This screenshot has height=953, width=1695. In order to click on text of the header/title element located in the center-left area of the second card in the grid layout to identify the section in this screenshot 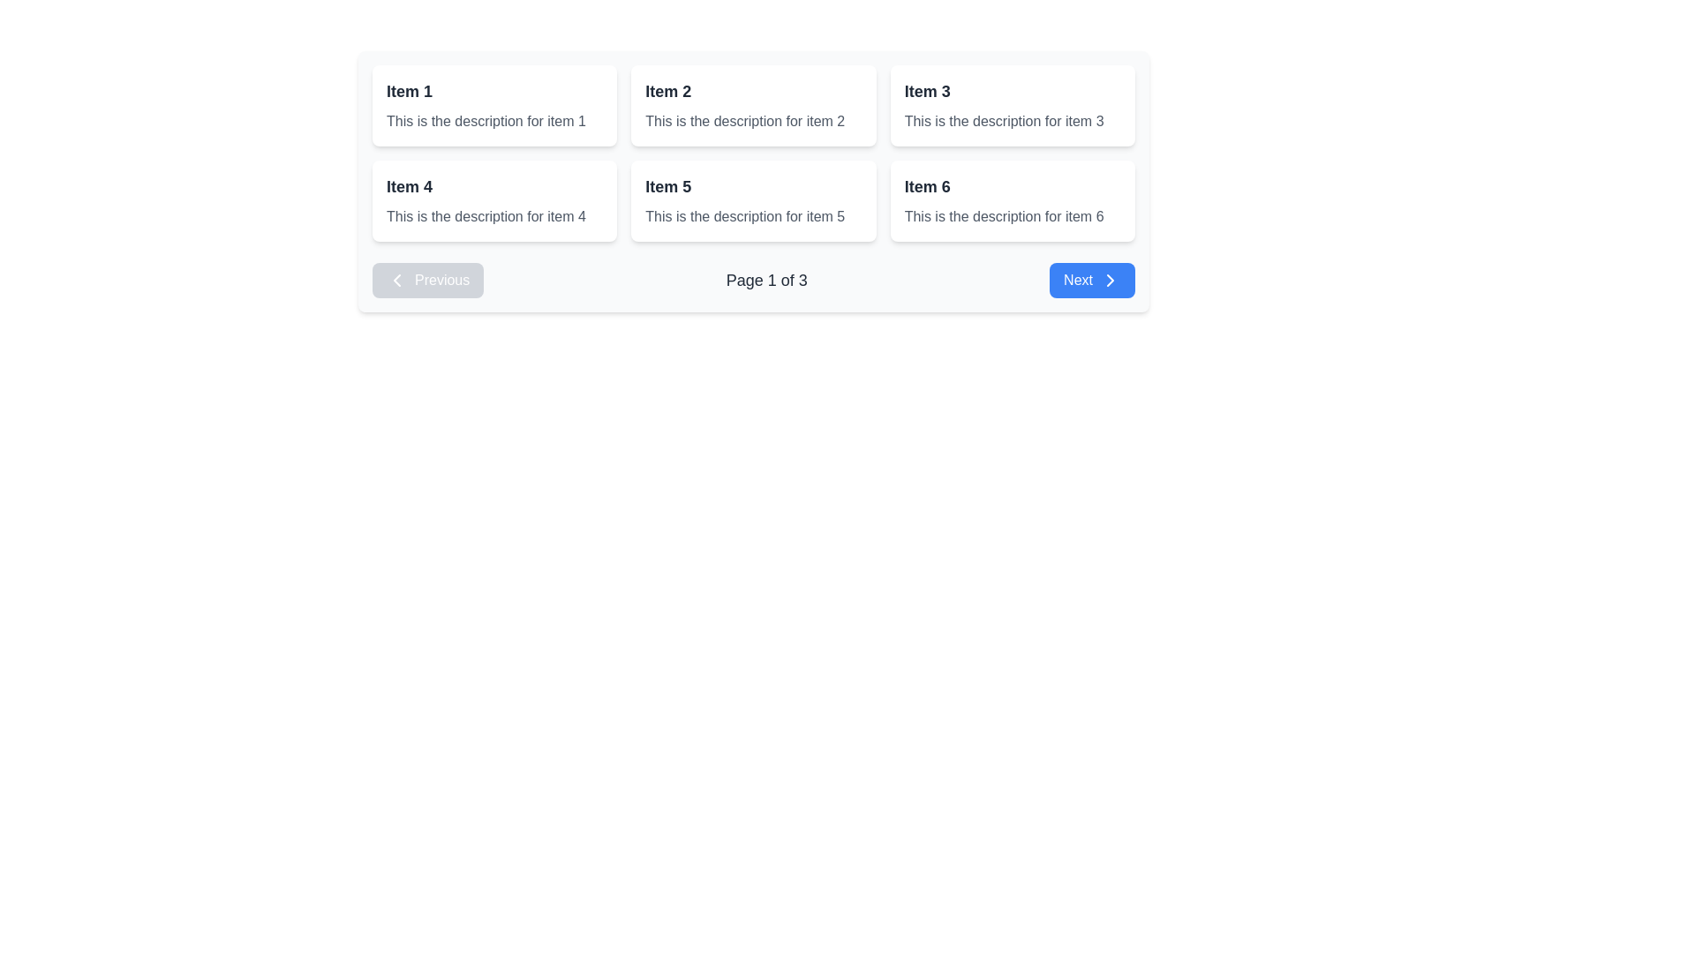, I will do `click(667, 92)`.